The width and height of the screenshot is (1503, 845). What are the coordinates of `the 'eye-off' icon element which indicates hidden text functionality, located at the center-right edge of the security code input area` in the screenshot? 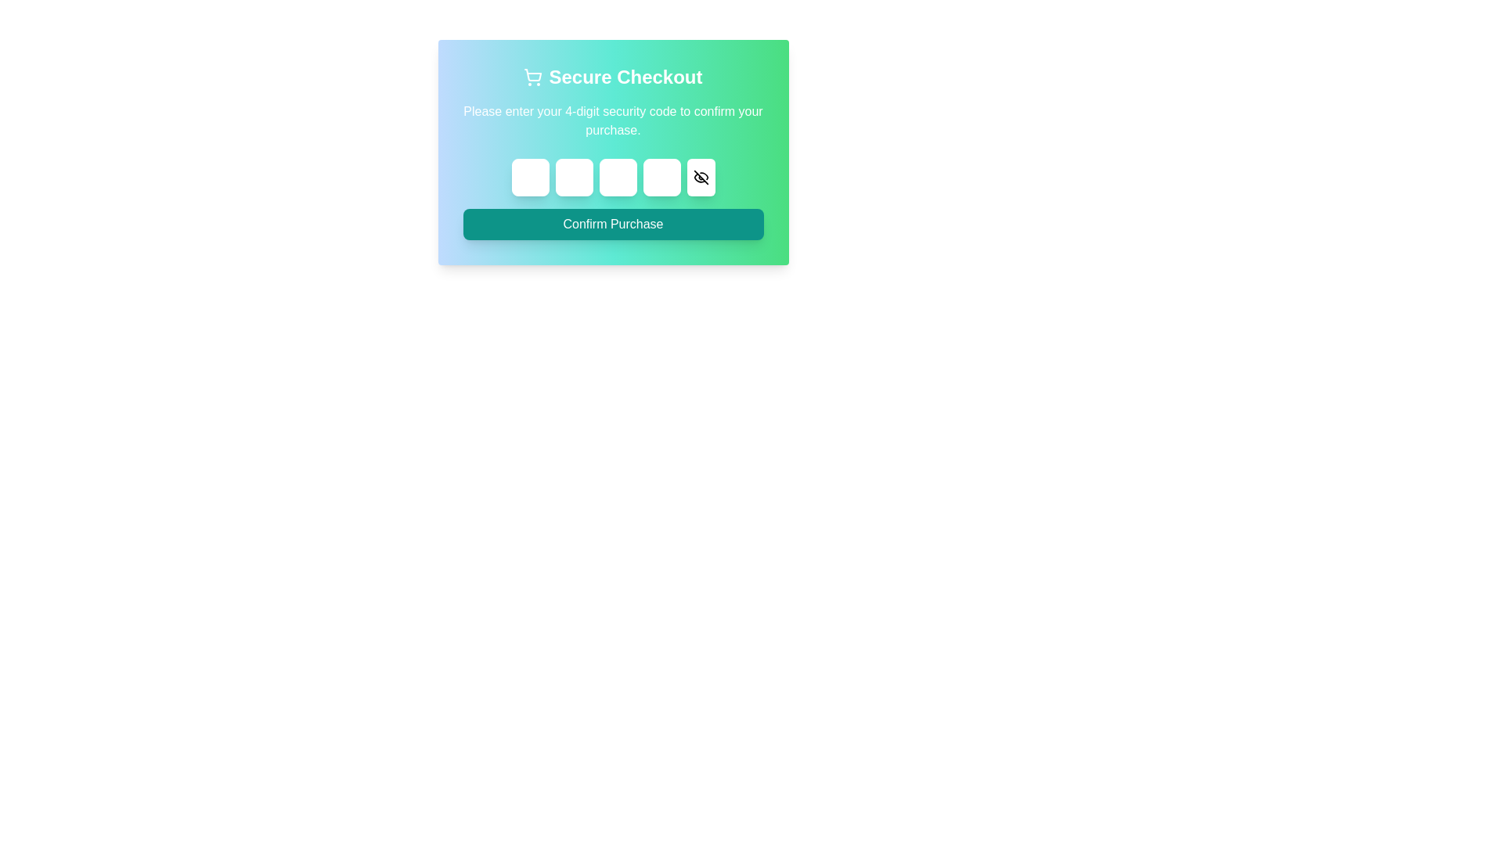 It's located at (698, 177).